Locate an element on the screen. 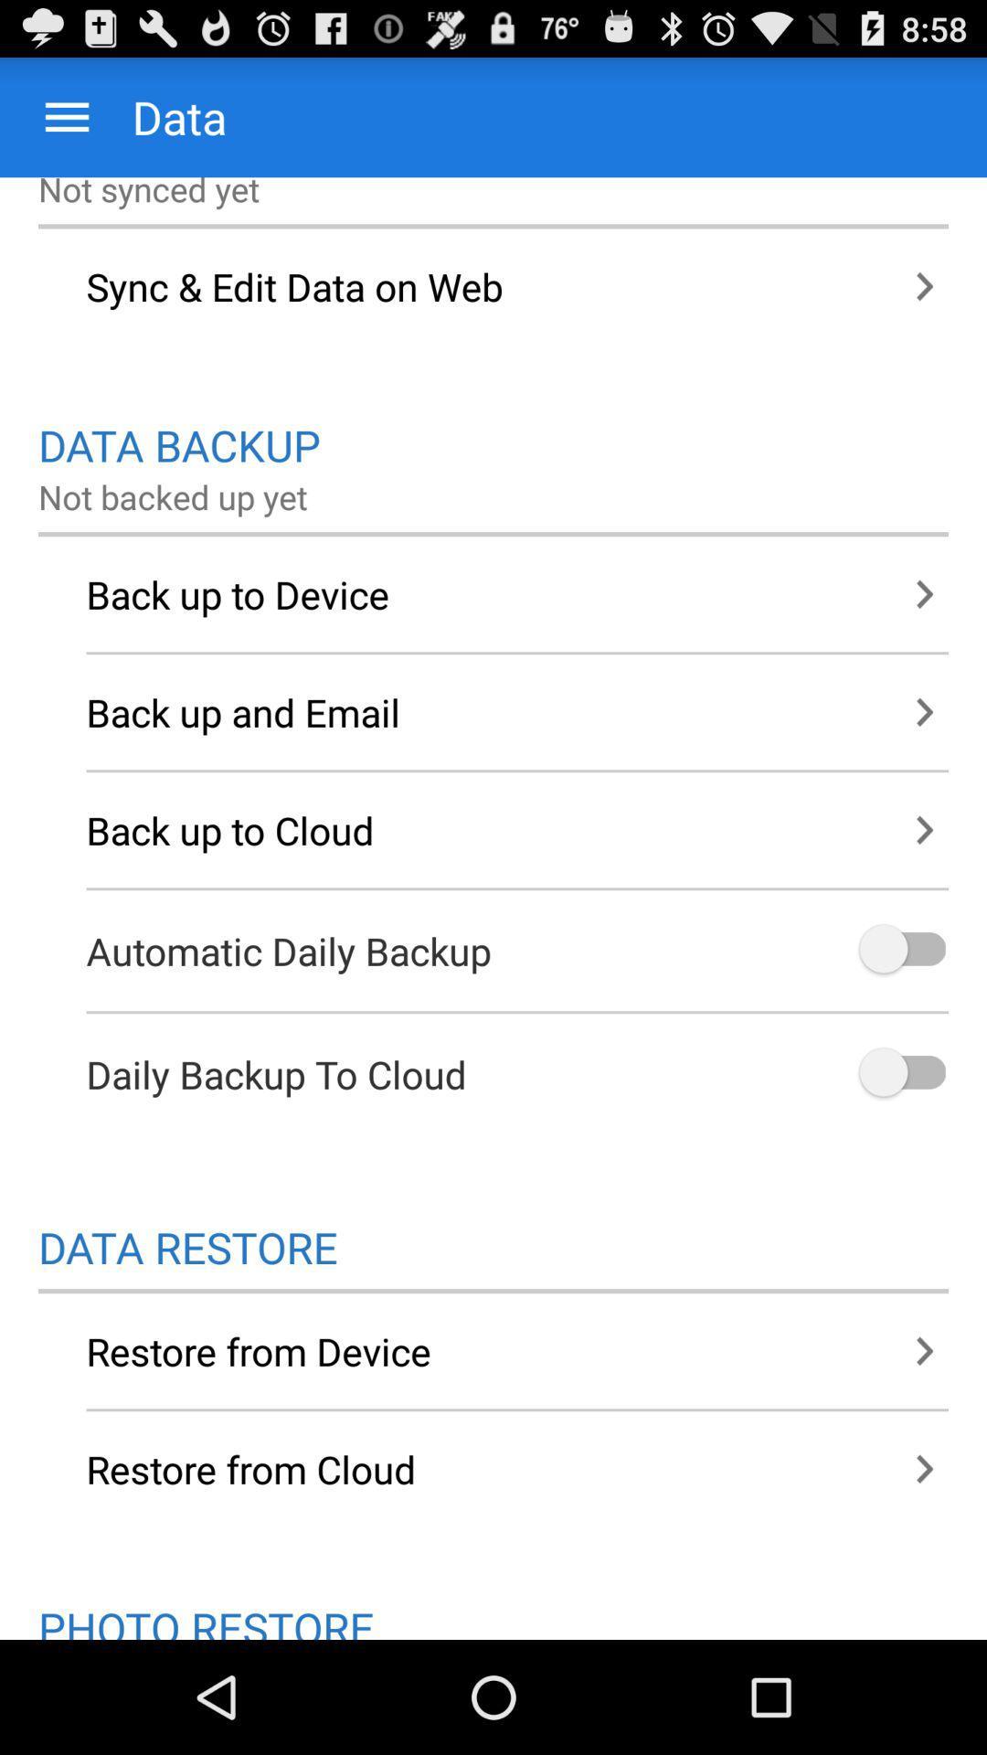 Image resolution: width=987 pixels, height=1755 pixels. options is located at coordinates (899, 1074).